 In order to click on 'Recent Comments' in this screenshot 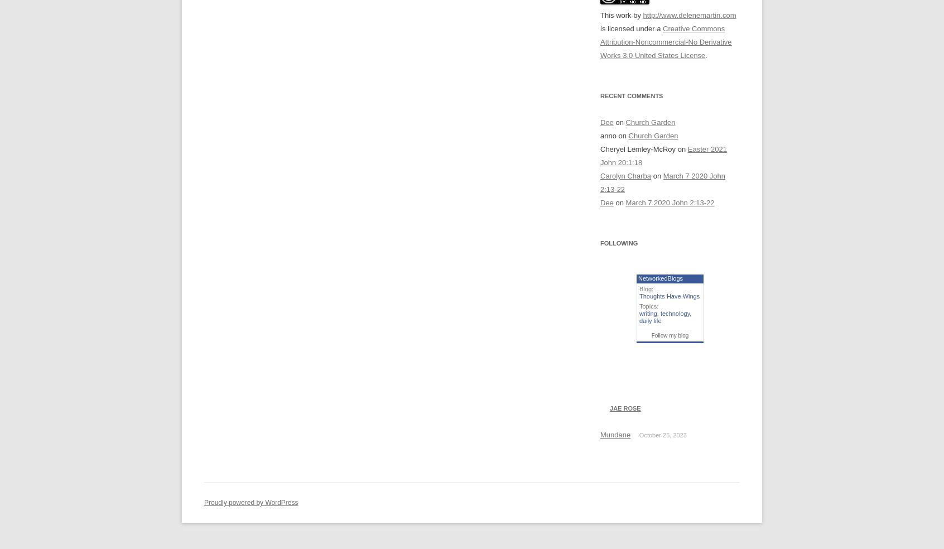, I will do `click(630, 96)`.